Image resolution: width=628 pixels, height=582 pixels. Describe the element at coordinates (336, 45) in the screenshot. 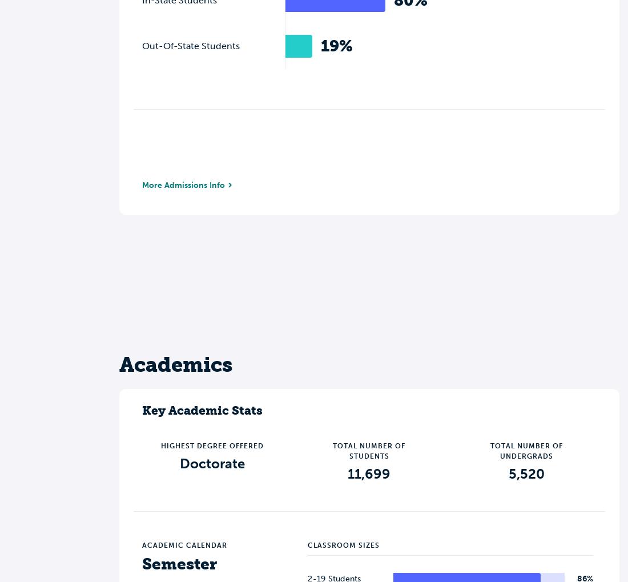

I see `'19%'` at that location.